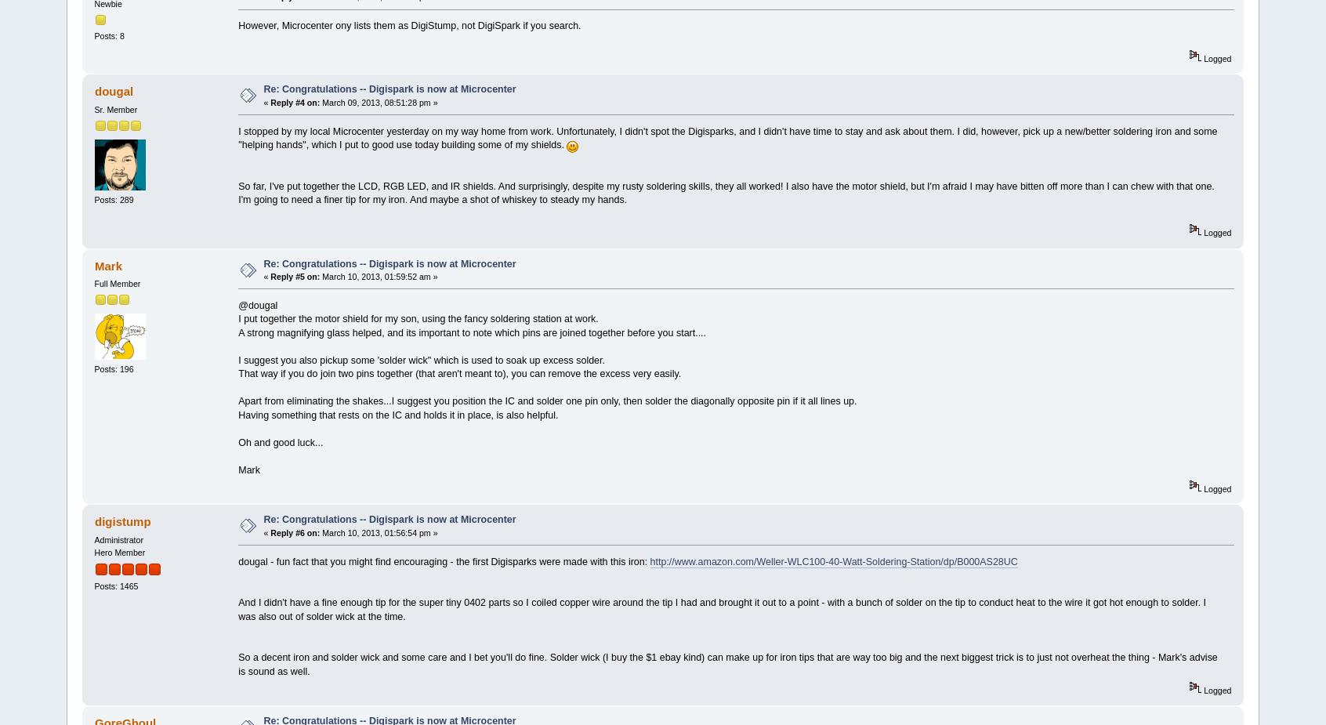 The width and height of the screenshot is (1326, 725). Describe the element at coordinates (833, 561) in the screenshot. I see `'http://www.amazon.com/Weller-WLC100-40-Watt-Soldering-Station/dp/B000AS28UC'` at that location.